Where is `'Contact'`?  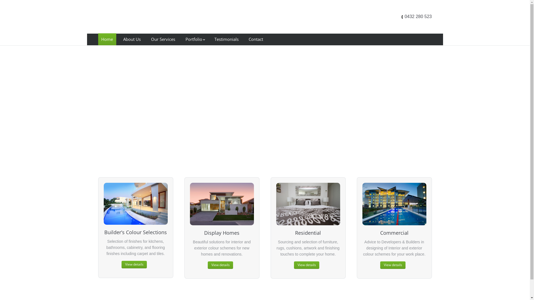 'Contact' is located at coordinates (256, 39).